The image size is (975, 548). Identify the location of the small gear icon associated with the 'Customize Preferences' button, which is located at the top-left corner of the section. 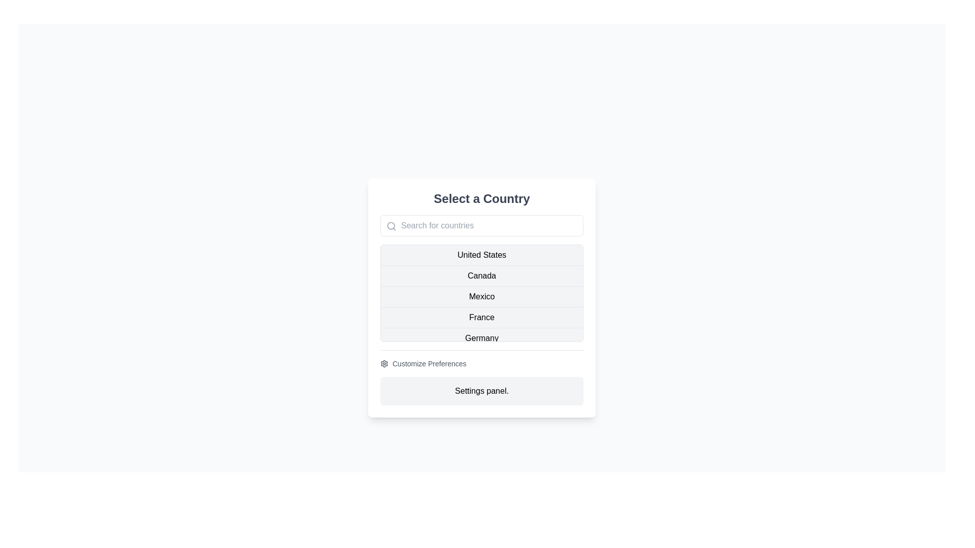
(384, 363).